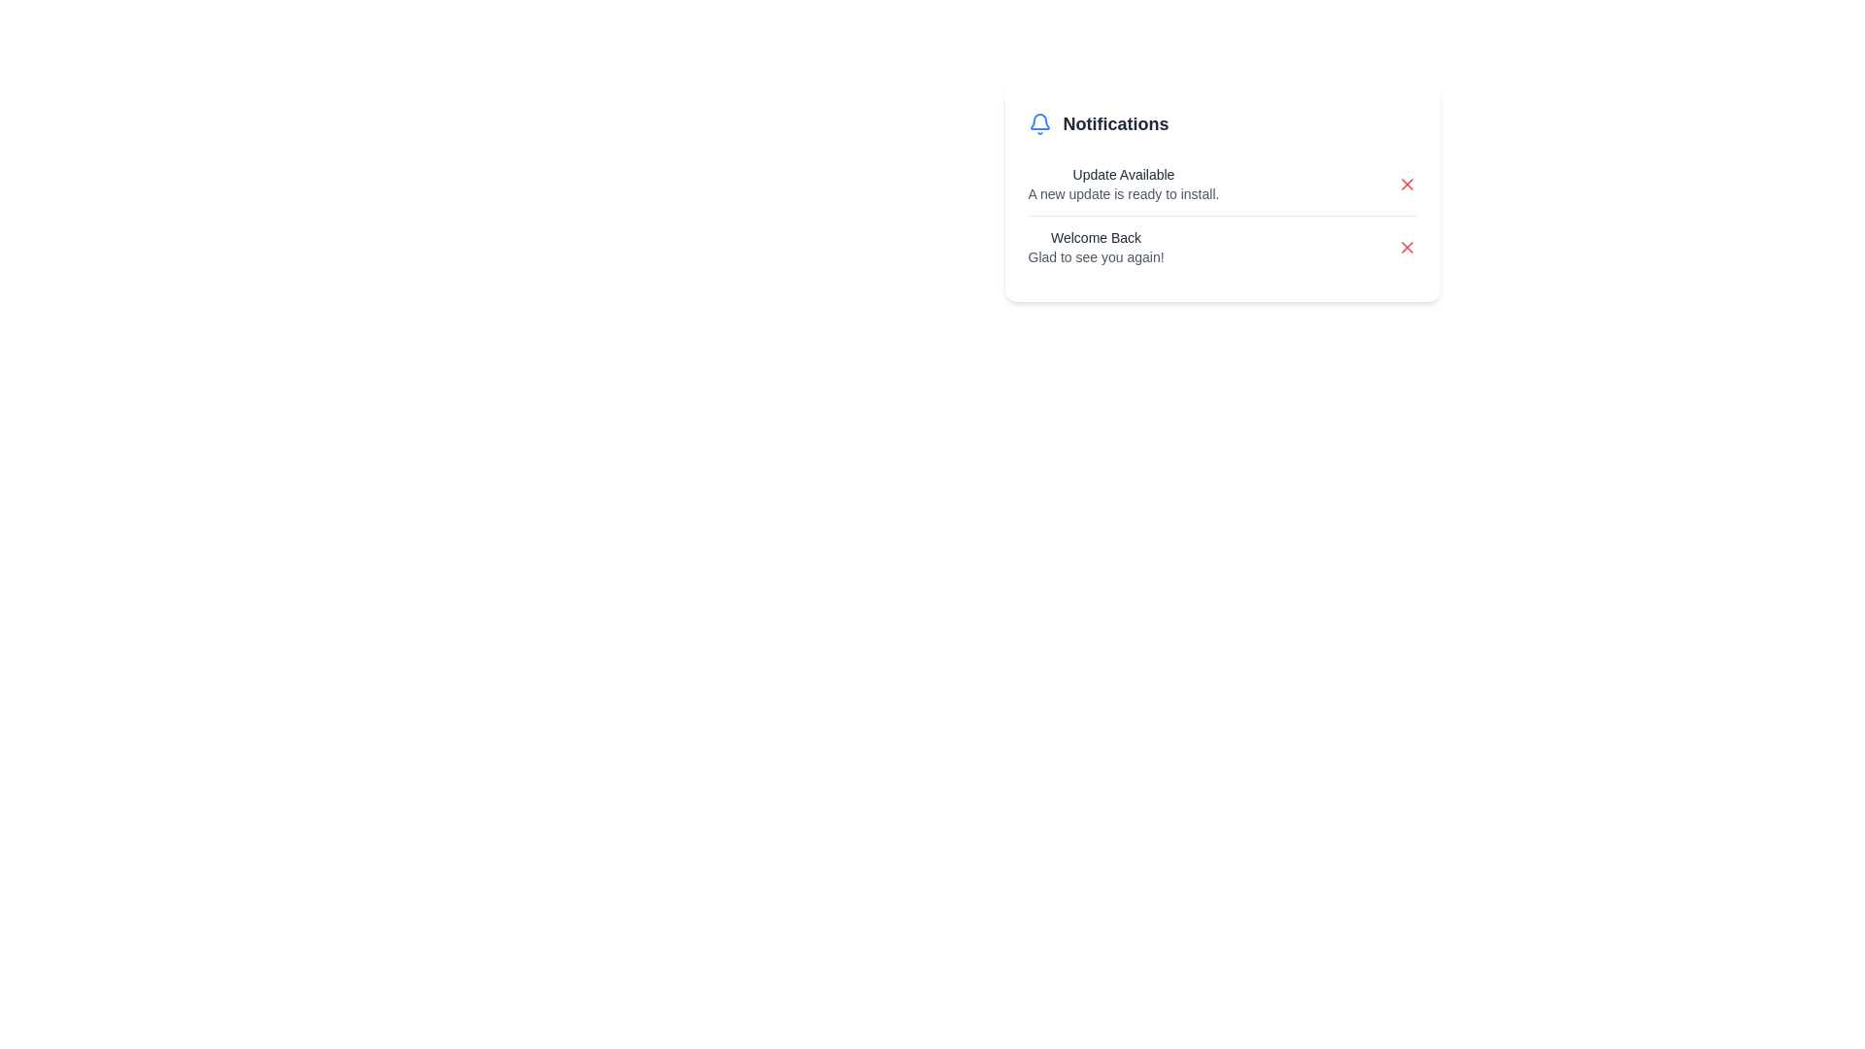 The image size is (1865, 1049). What do you see at coordinates (1123, 184) in the screenshot?
I see `text content of the first notification item in the notification panel, which informs about a new software update and is located beneath the 'Notifications' title` at bounding box center [1123, 184].